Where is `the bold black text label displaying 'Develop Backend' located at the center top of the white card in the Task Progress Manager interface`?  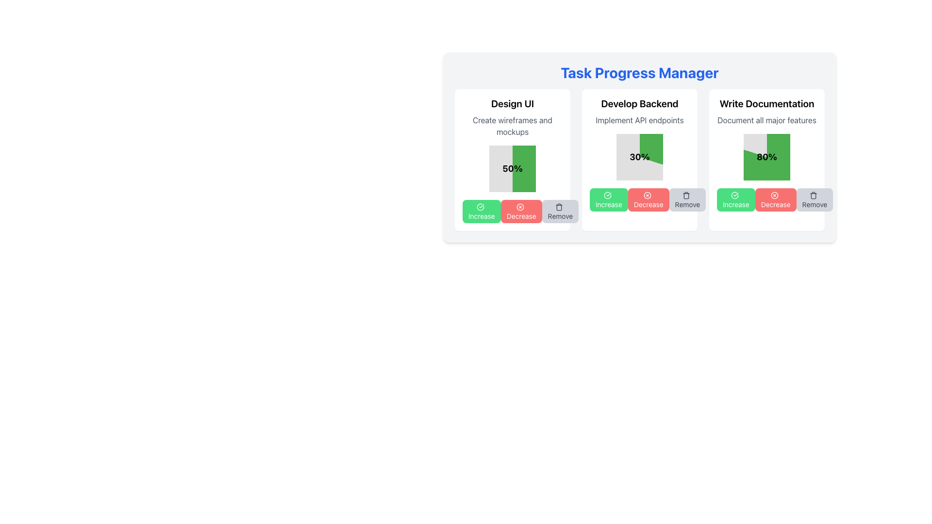
the bold black text label displaying 'Develop Backend' located at the center top of the white card in the Task Progress Manager interface is located at coordinates (640, 103).